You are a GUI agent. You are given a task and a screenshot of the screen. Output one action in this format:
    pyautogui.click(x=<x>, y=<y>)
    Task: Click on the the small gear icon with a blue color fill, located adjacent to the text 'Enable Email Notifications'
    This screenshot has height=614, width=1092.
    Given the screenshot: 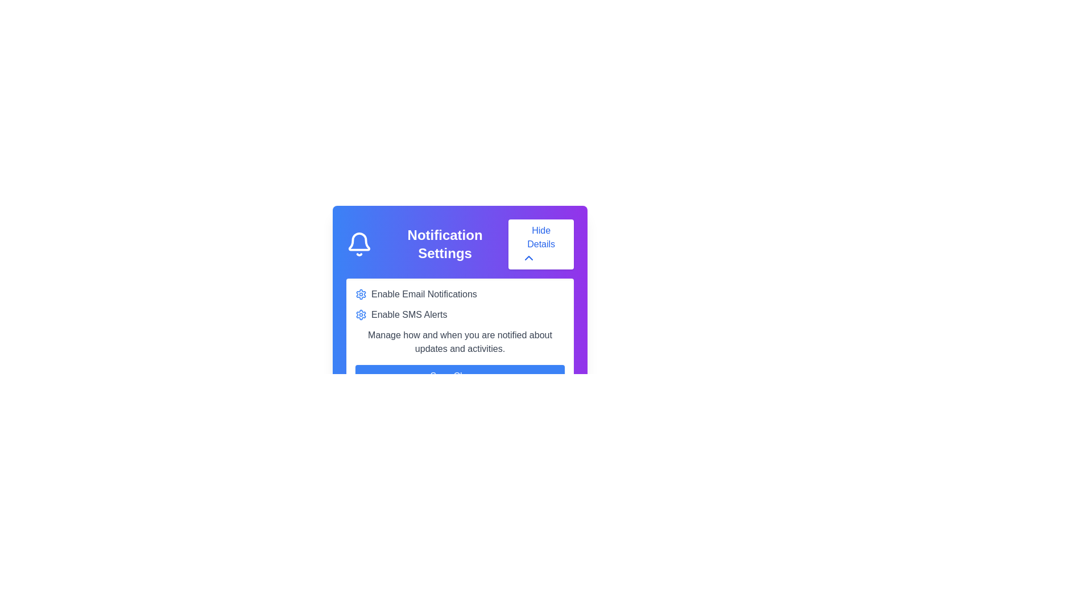 What is the action you would take?
    pyautogui.click(x=360, y=293)
    